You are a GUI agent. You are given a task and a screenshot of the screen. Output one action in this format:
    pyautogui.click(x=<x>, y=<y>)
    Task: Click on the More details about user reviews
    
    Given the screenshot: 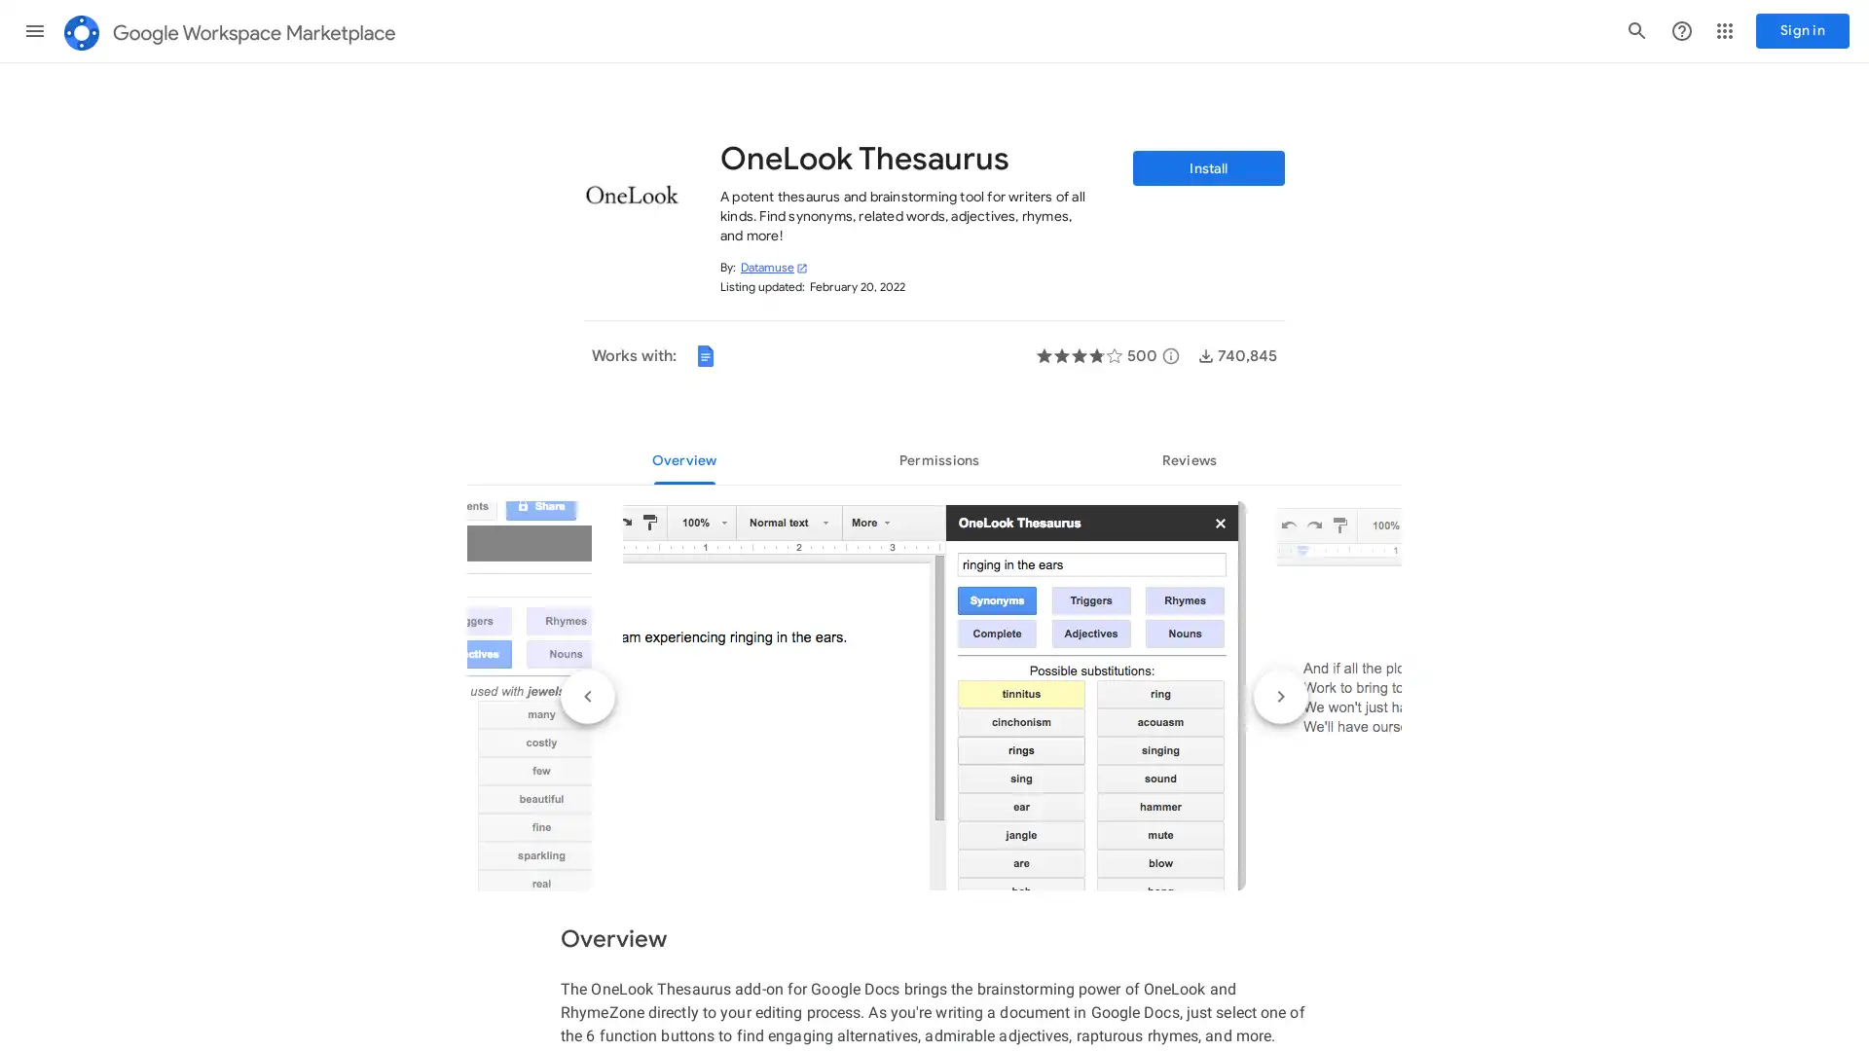 What is the action you would take?
    pyautogui.click(x=1307, y=356)
    